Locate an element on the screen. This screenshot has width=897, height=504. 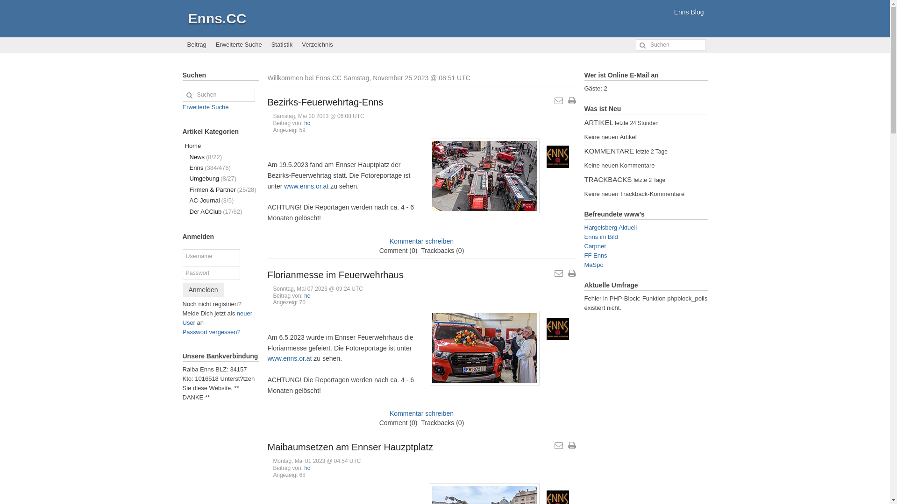
'Anmelden' is located at coordinates (183, 289).